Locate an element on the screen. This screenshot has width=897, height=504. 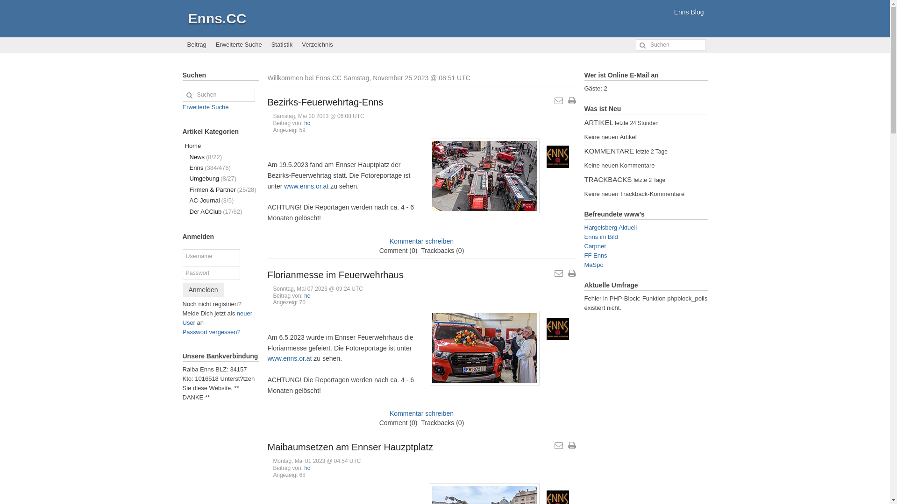
'Anmelden' is located at coordinates (183, 289).